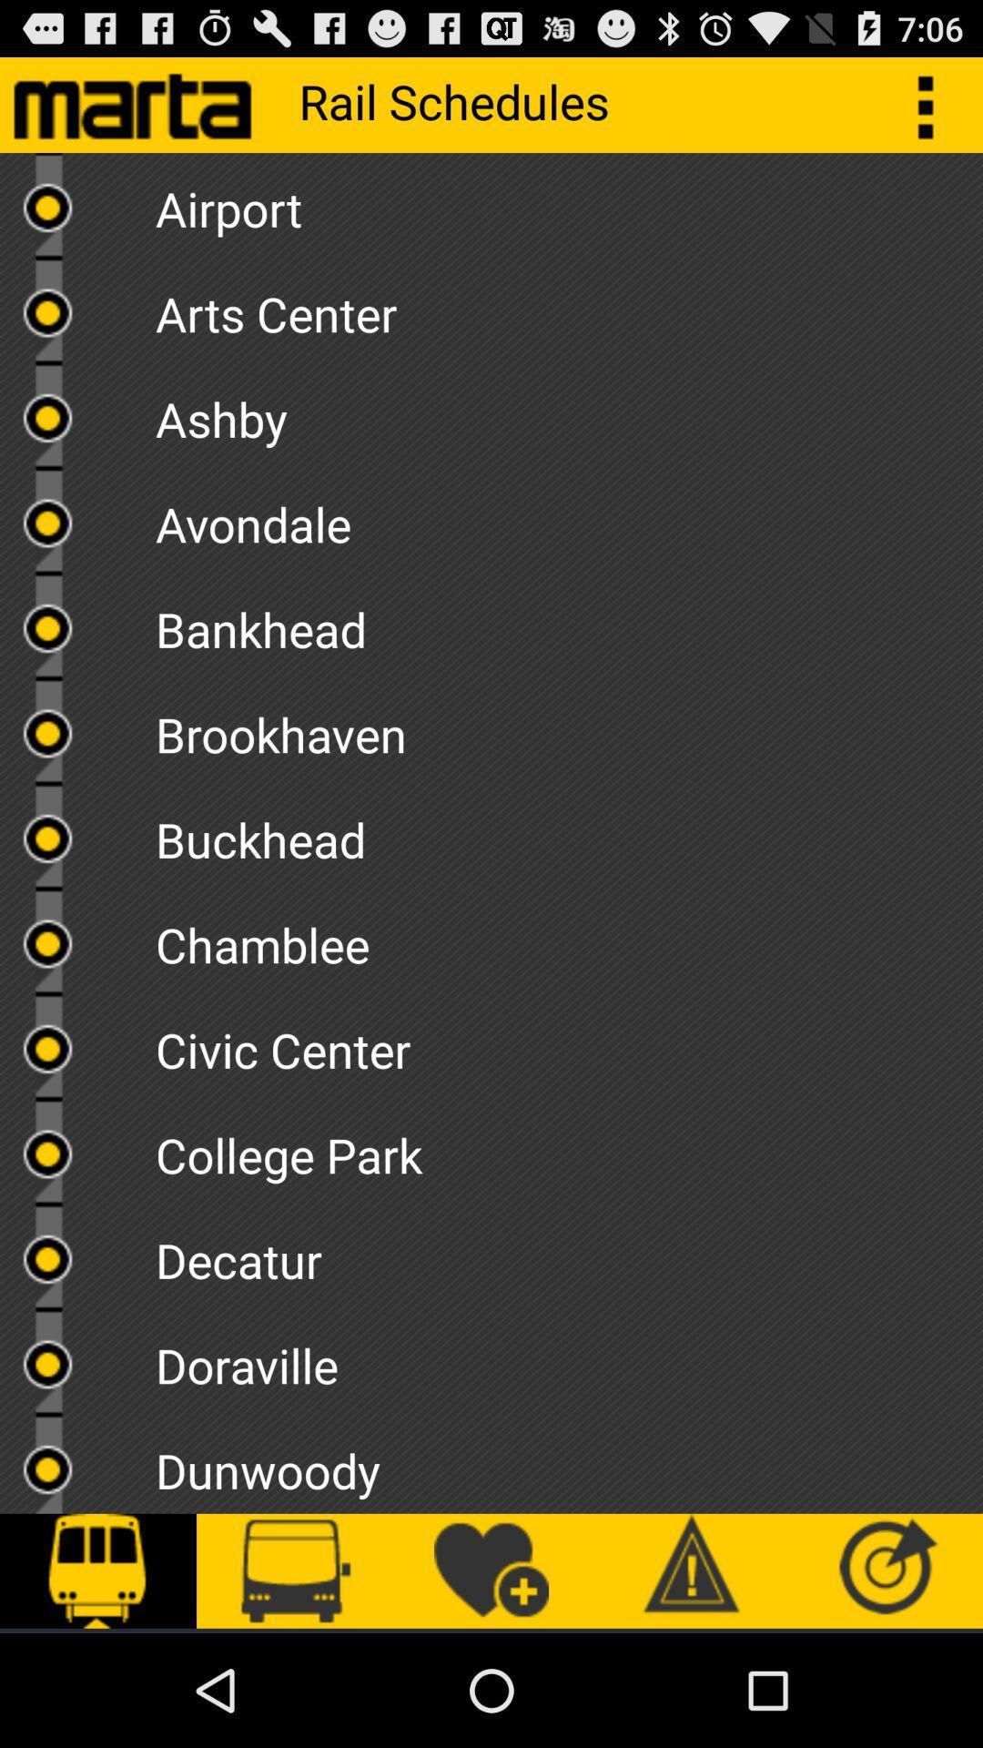 This screenshot has height=1748, width=983. Describe the element at coordinates (568, 1464) in the screenshot. I see `dunwoody icon` at that location.